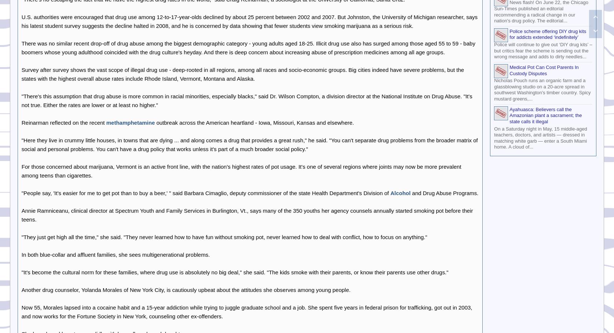 The width and height of the screenshot is (614, 333). Describe the element at coordinates (21, 122) in the screenshot. I see `'Reinarman reflected on the recent'` at that location.